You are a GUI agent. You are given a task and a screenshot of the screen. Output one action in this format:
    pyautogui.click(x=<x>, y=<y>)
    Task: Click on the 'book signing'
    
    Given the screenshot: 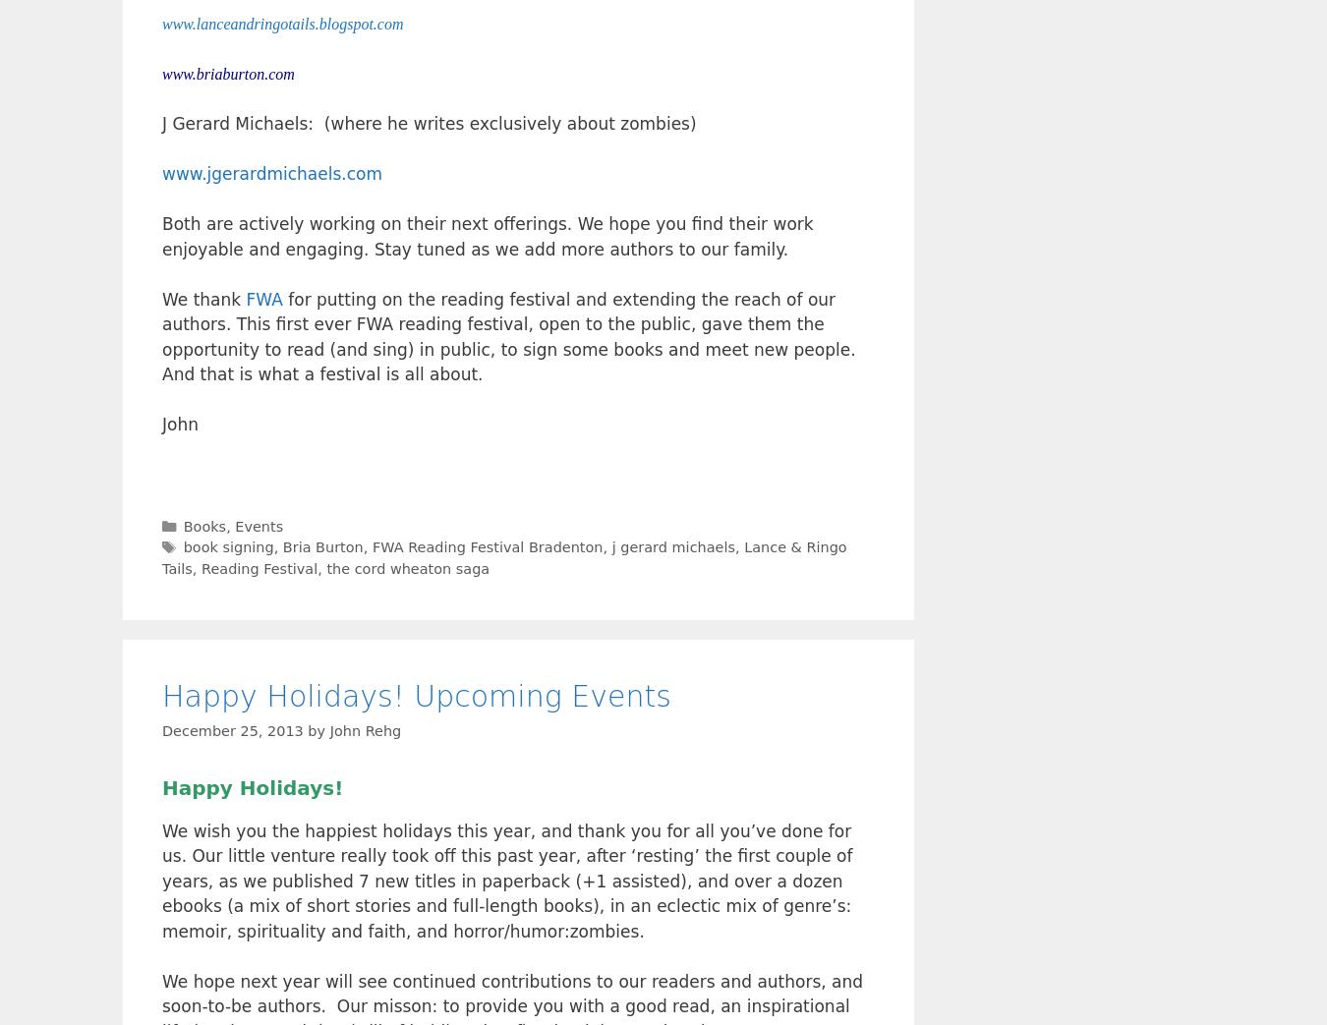 What is the action you would take?
    pyautogui.click(x=227, y=546)
    